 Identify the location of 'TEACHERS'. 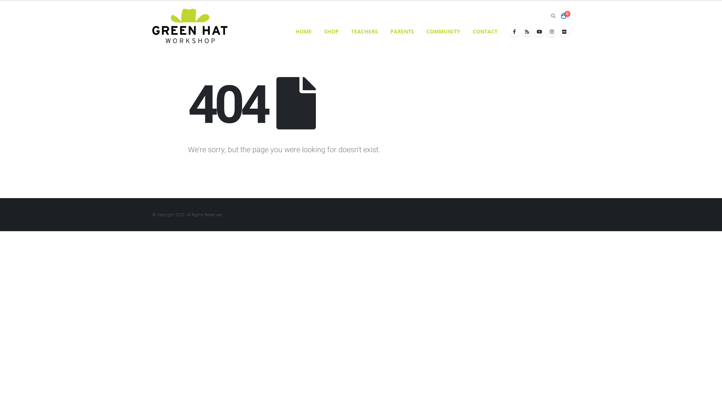
(364, 31).